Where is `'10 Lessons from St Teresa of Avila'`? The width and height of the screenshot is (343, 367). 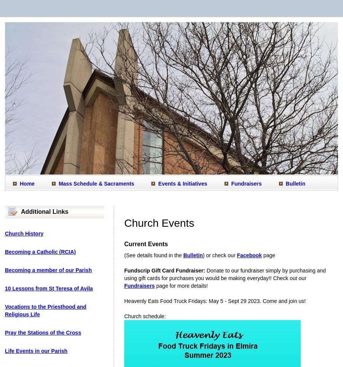 '10 Lessons from St Teresa of Avila' is located at coordinates (48, 288).